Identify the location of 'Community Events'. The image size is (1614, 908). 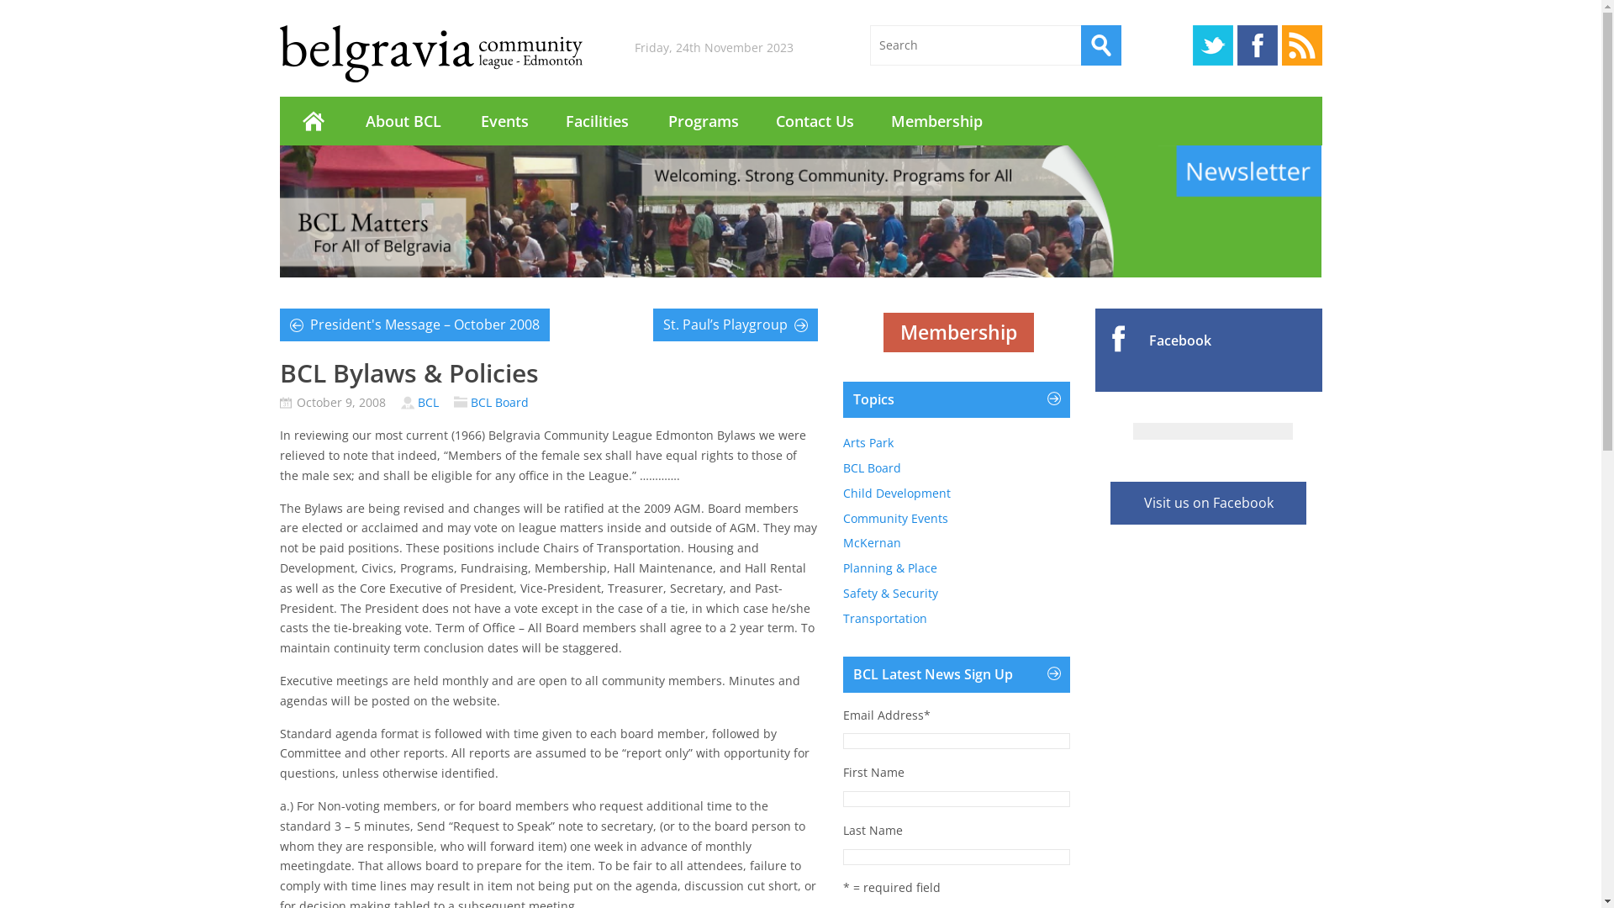
(894, 517).